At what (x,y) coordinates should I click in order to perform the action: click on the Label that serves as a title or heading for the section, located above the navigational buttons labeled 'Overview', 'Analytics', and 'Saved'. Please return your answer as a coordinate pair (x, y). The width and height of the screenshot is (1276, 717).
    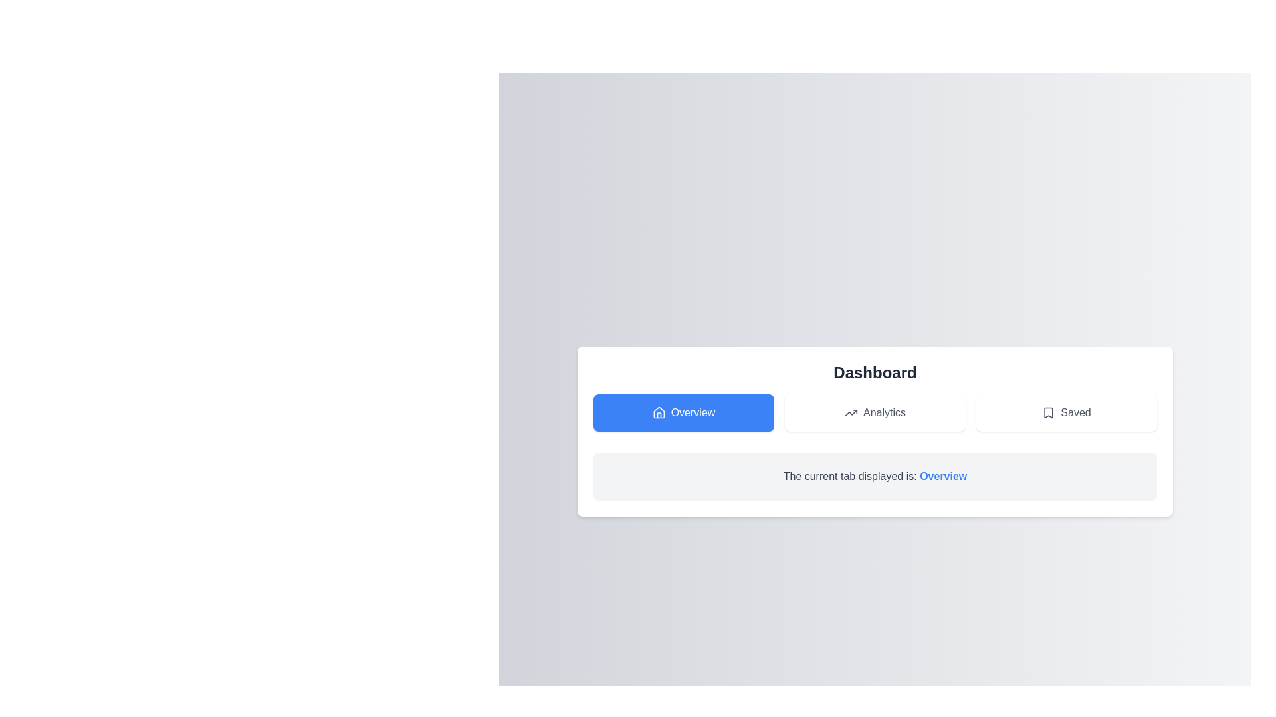
    Looking at the image, I should click on (875, 373).